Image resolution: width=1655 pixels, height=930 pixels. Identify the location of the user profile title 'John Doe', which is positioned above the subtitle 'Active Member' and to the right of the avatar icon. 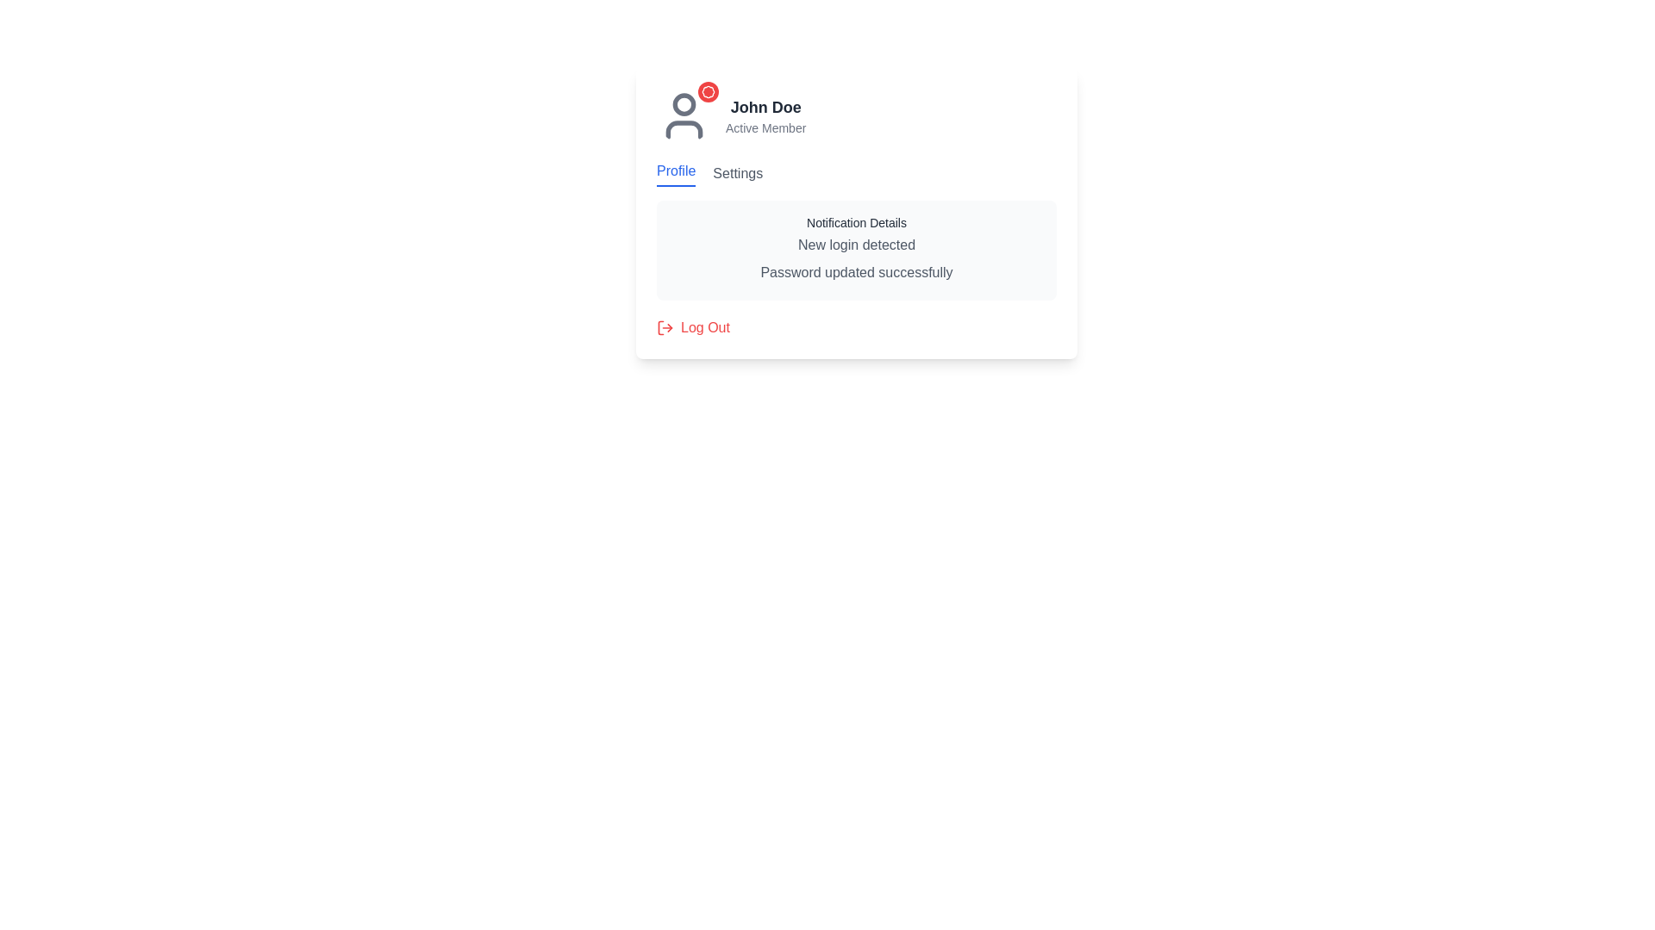
(765, 107).